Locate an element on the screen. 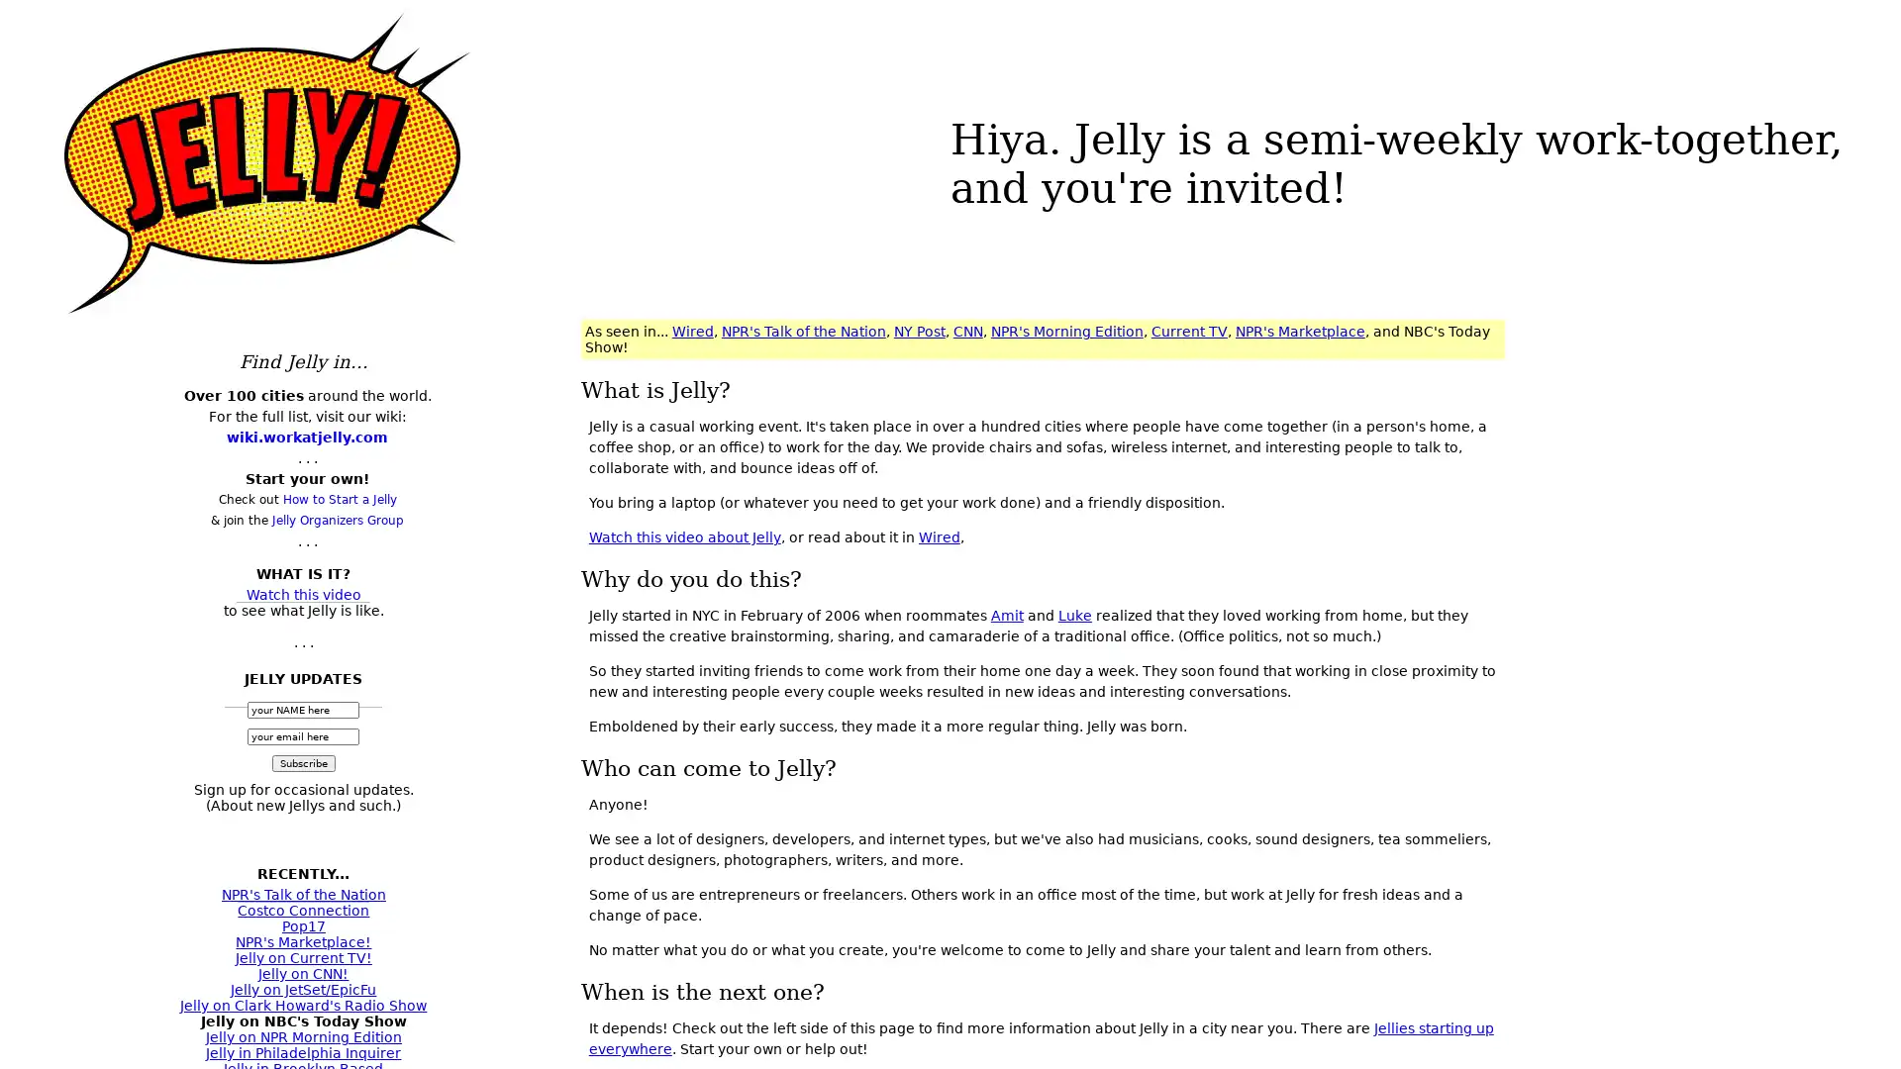  Subscribe is located at coordinates (302, 762).